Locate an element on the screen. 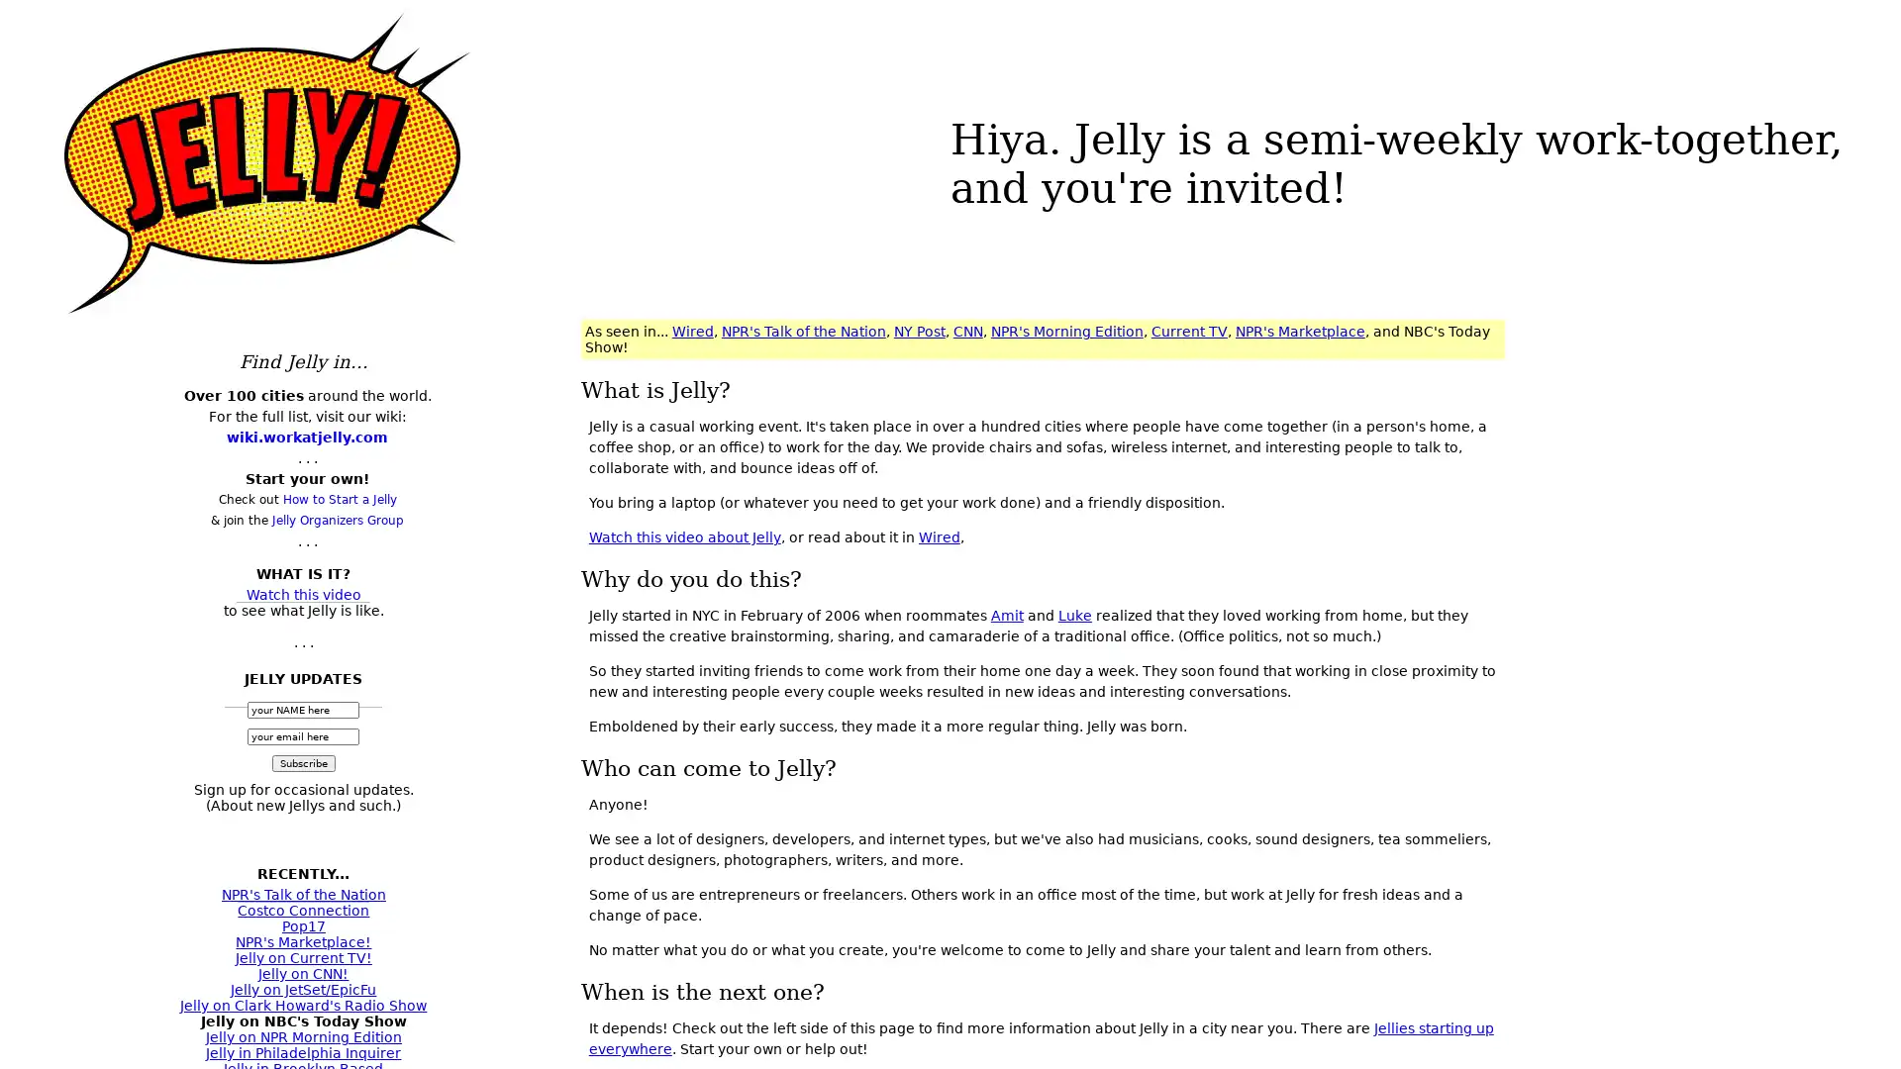  Subscribe is located at coordinates (302, 762).